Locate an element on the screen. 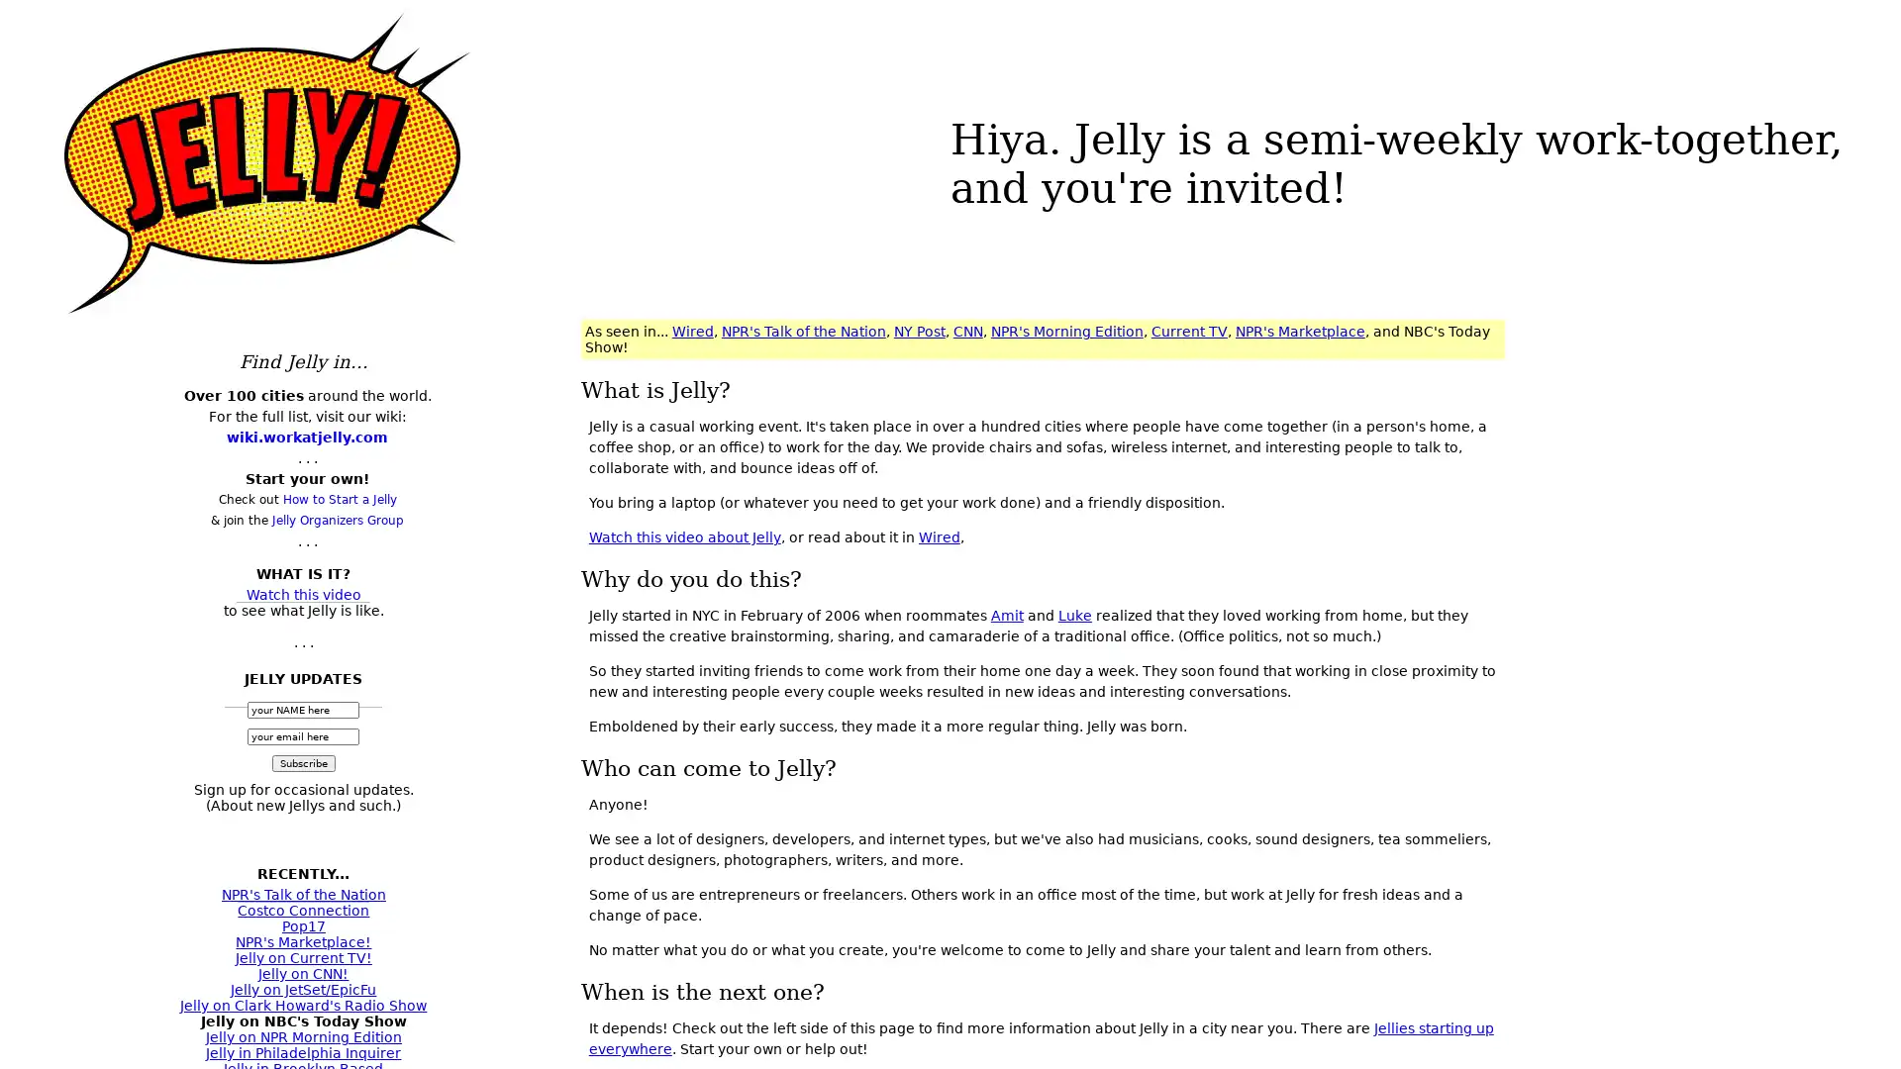  Subscribe is located at coordinates (302, 762).